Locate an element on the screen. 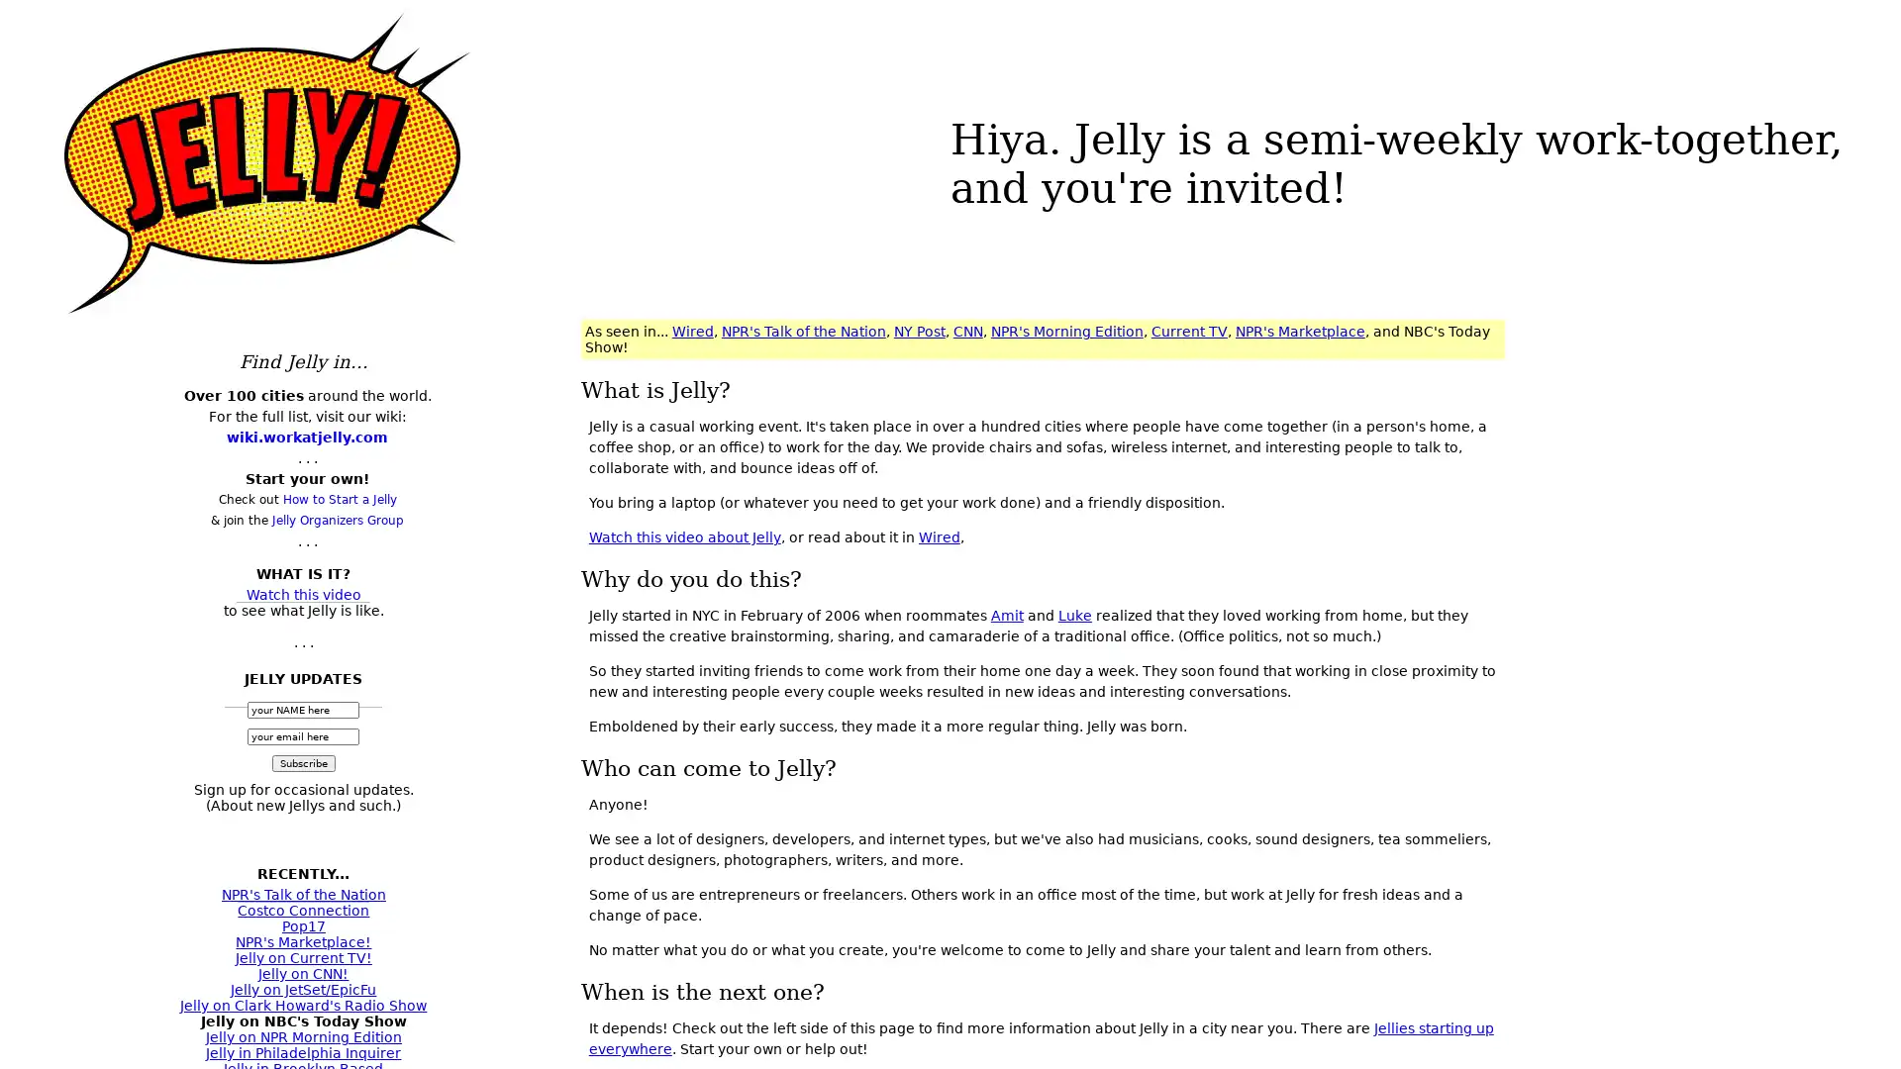  Subscribe is located at coordinates (302, 762).